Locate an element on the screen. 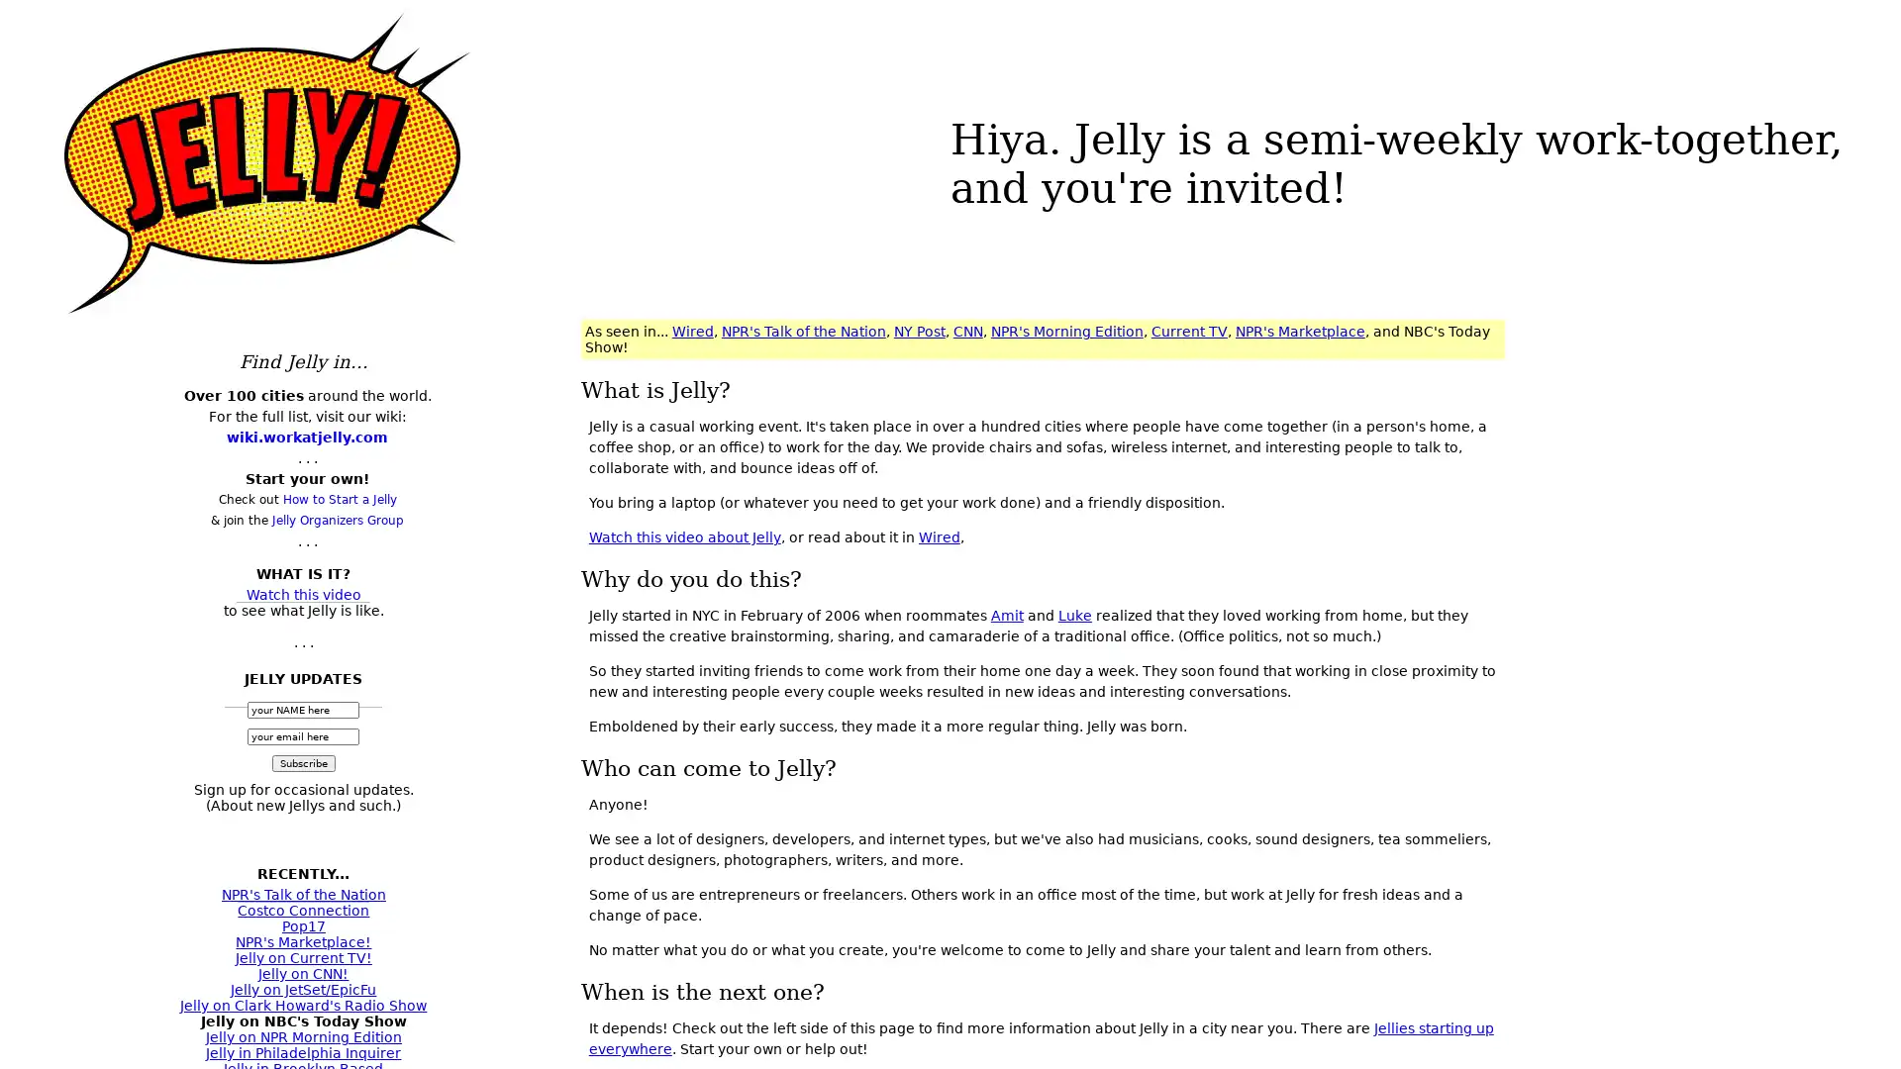  Subscribe is located at coordinates (302, 762).